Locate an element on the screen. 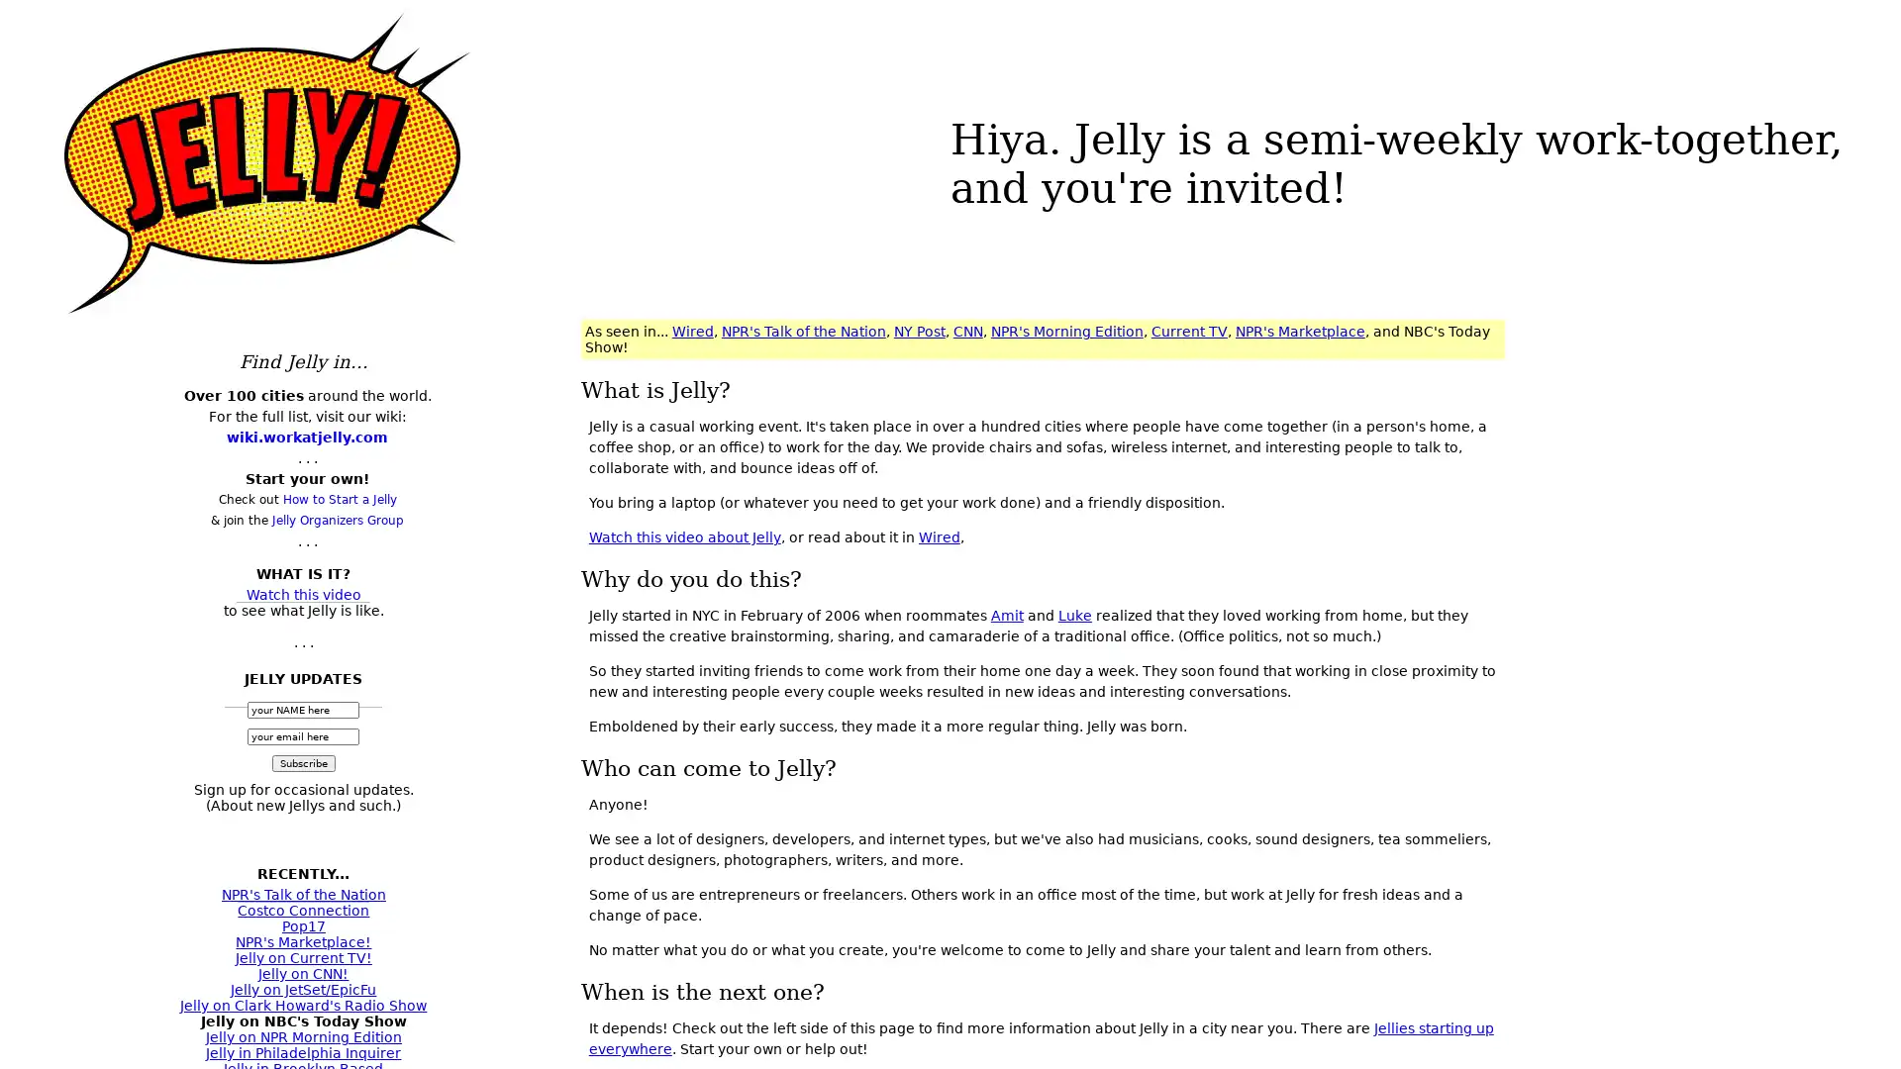  Subscribe is located at coordinates (302, 762).